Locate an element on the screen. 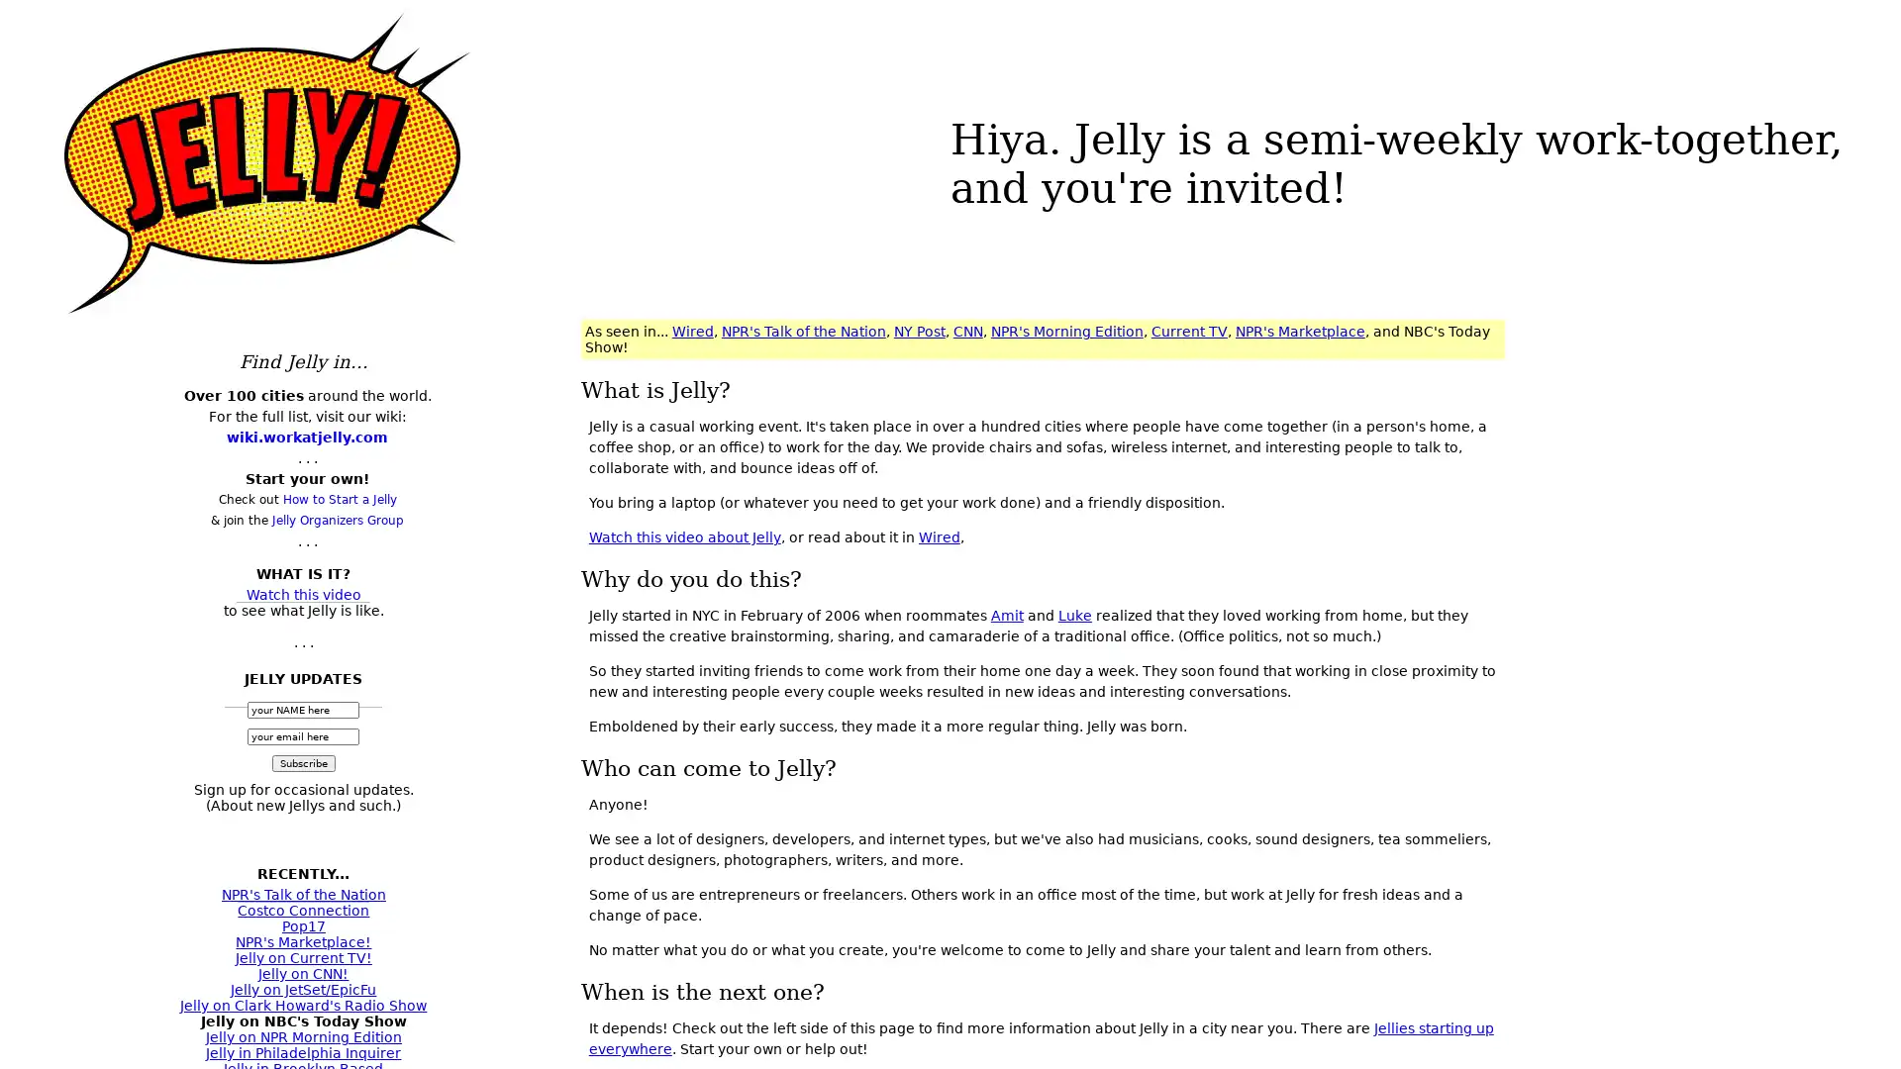  Subscribe is located at coordinates (302, 762).